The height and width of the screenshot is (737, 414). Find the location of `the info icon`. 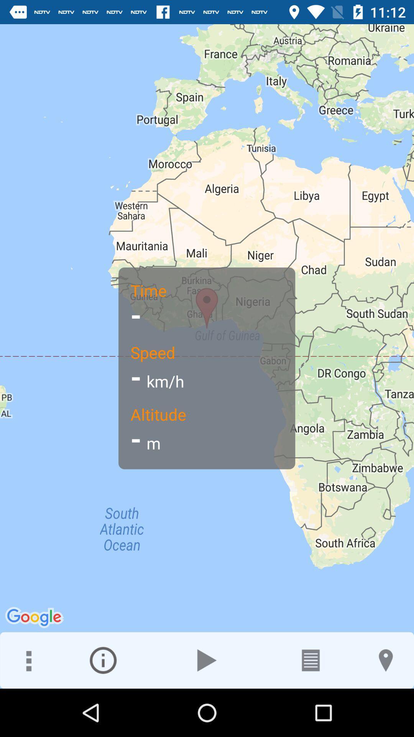

the info icon is located at coordinates (103, 660).